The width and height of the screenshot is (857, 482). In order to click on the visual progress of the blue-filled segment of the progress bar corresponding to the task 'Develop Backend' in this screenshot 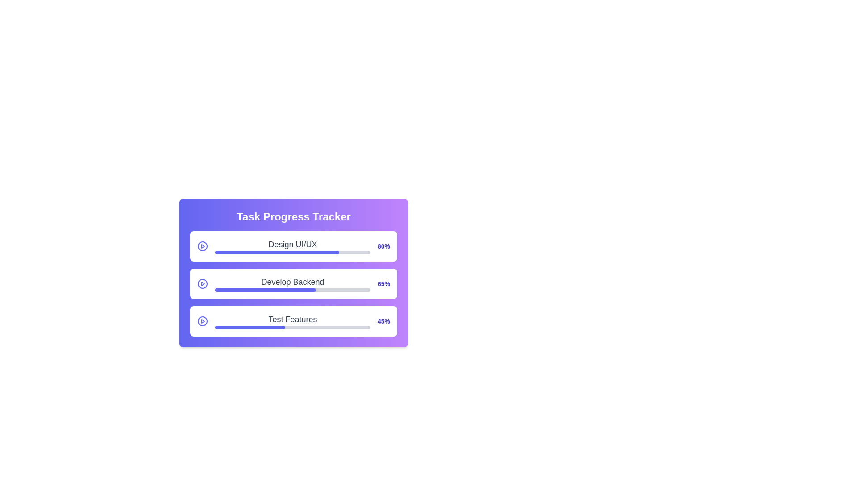, I will do `click(265, 290)`.